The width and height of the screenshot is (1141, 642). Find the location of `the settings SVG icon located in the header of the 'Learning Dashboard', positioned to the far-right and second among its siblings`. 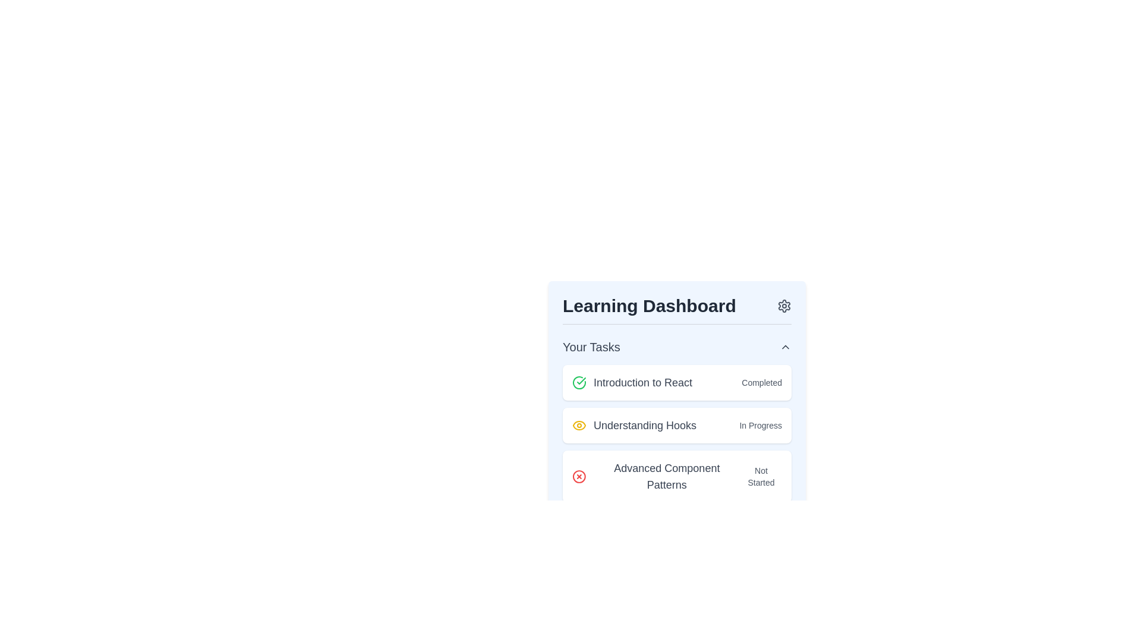

the settings SVG icon located in the header of the 'Learning Dashboard', positioned to the far-right and second among its siblings is located at coordinates (784, 306).